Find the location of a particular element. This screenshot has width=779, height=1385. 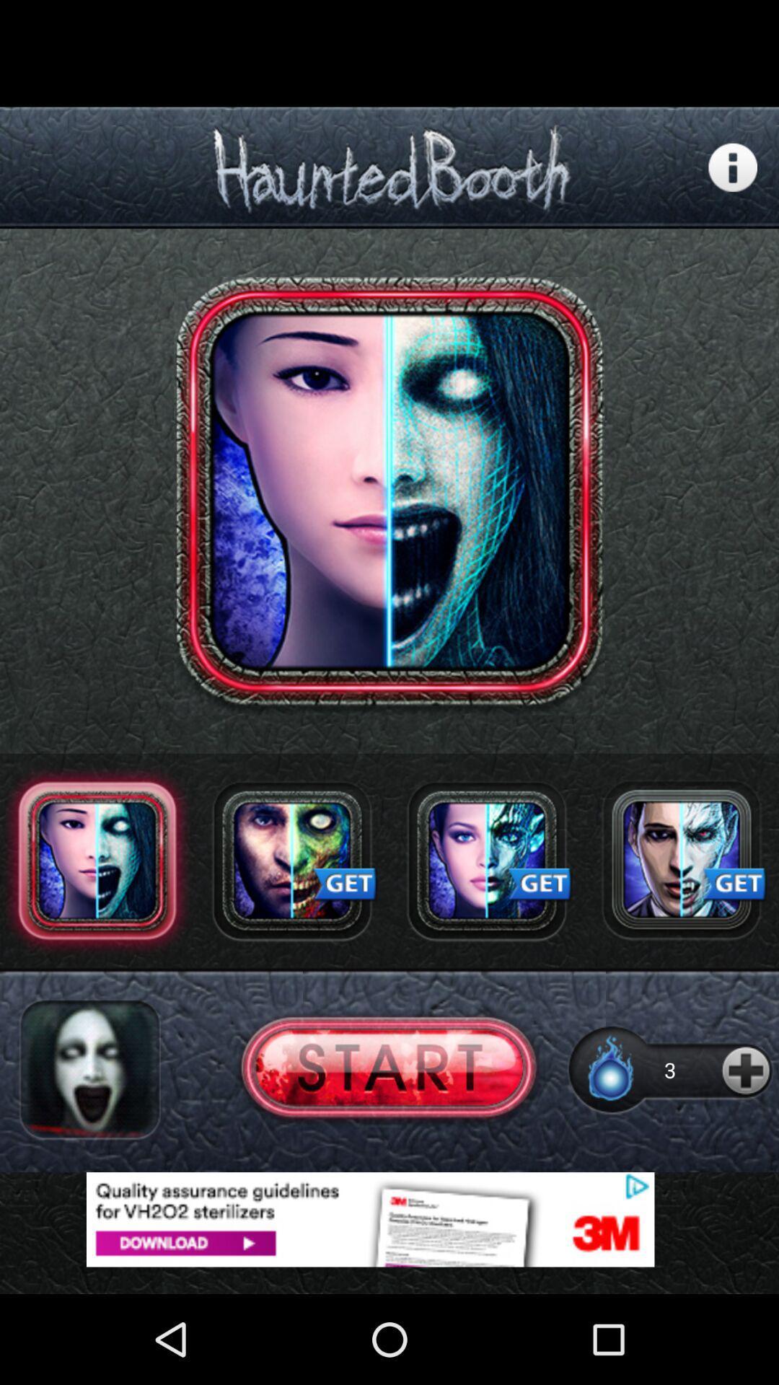

option is located at coordinates (487, 861).